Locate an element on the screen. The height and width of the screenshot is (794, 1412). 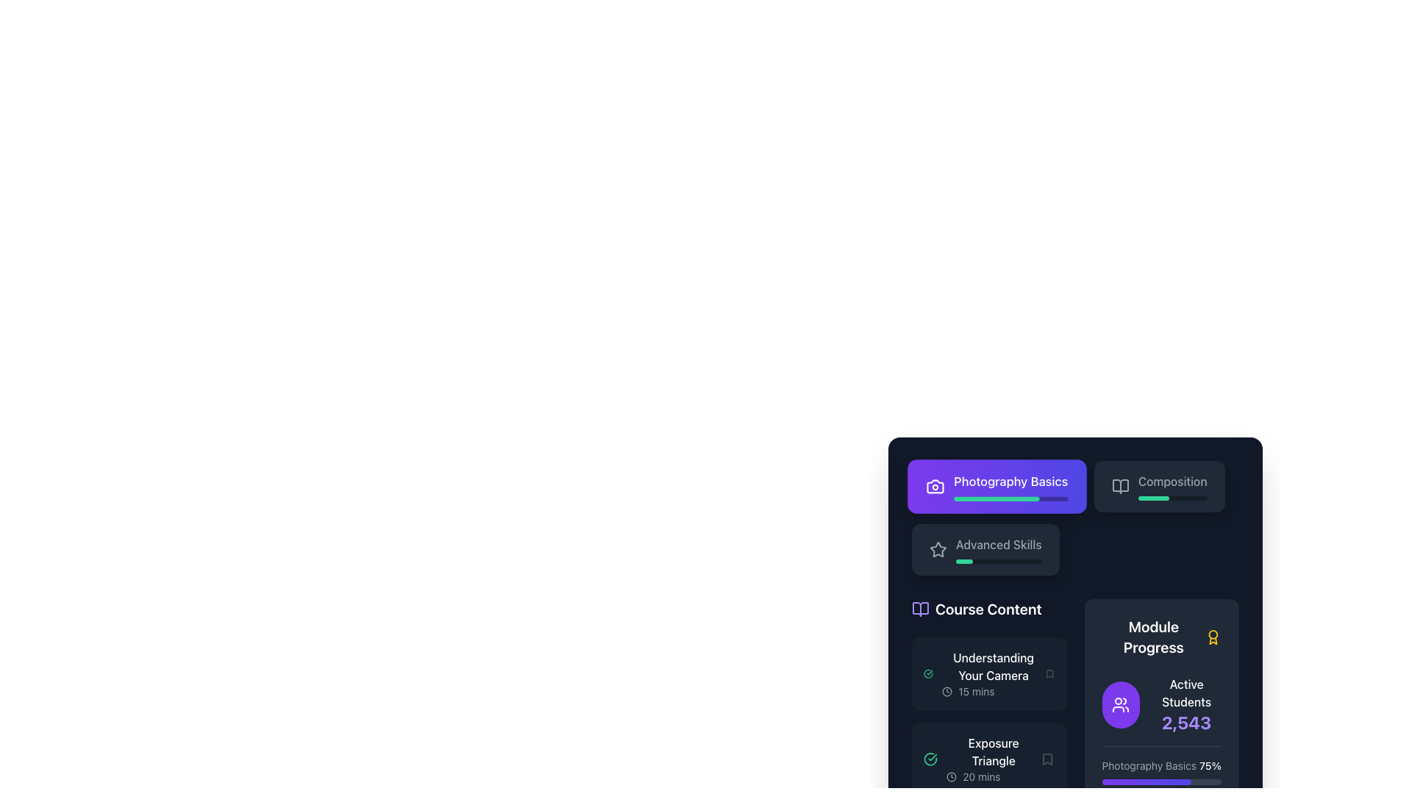
the Interactive button or tab for 'Composition' located in the upper center of the interface, immediately following 'Photography Basics.' is located at coordinates (1158, 487).